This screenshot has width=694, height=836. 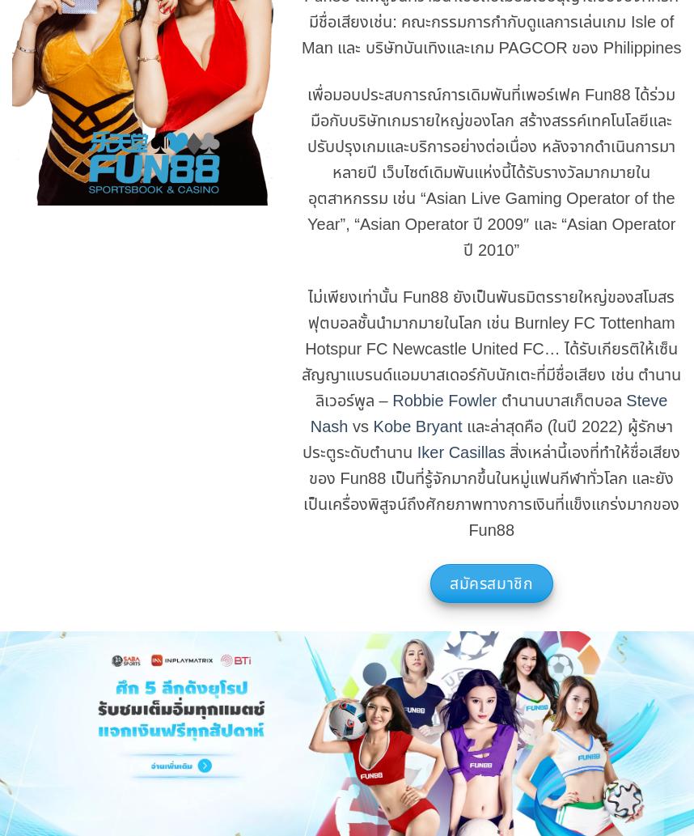 What do you see at coordinates (303, 489) in the screenshot?
I see `'สิ่งเหล่านี้เองที่ทำให้ชื่อเสียงของ Fun88 เป็นที่รู้จักมากขึ้นในหมู่แฟนกีฬาทั่วโลก และยังเป็นเครื่องพิสูจน์ถึงศักยภาพทางการเงินที่แข็งแกร่งมากของ Fun88'` at bounding box center [303, 489].